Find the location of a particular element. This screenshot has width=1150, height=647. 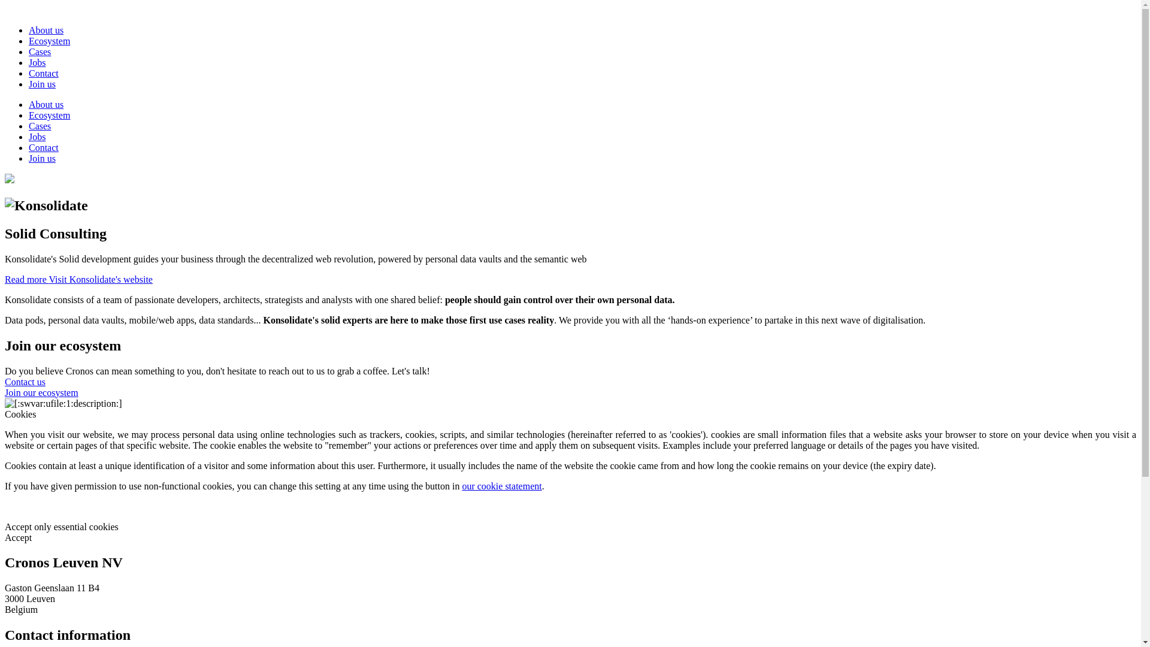

'Read more' is located at coordinates (26, 279).